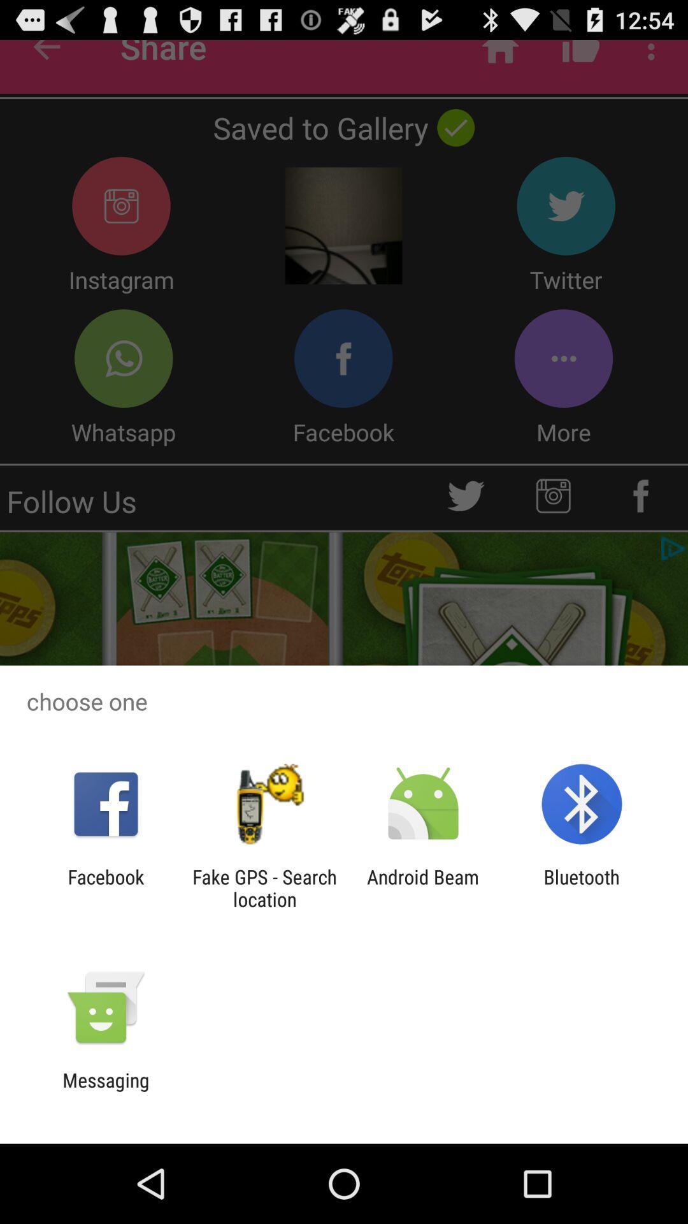 The width and height of the screenshot is (688, 1224). I want to click on the item to the right of the facebook icon, so click(264, 887).